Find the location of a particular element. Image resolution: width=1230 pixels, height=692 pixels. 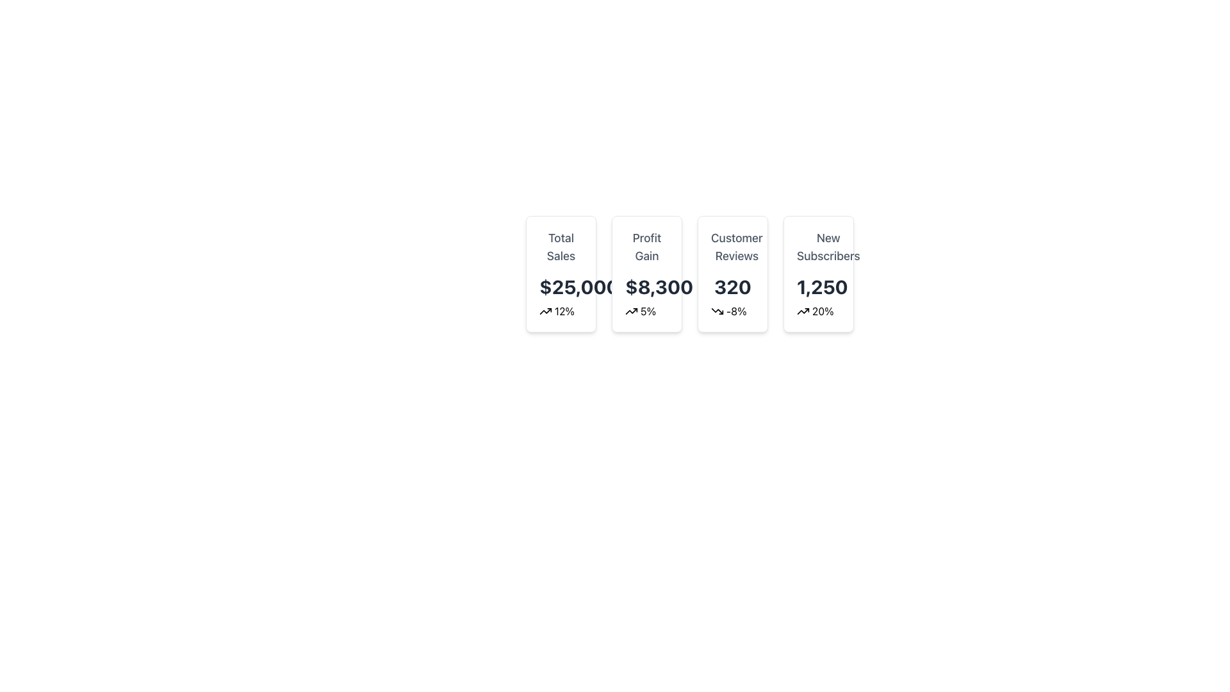

displayed percentage increase information from the green Text Label located below the 'New Subscribers' number '1,250' is located at coordinates (817, 311).